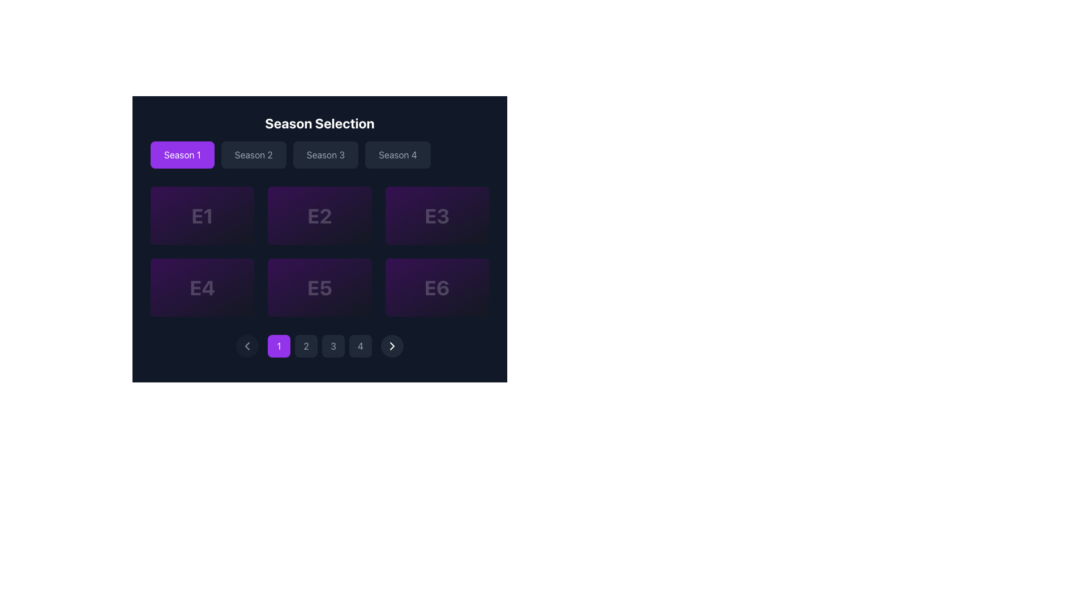 This screenshot has width=1087, height=611. I want to click on the bold, stylized number 'E6' displayed in a large font size with a subtle opacity, styled in white against a dark purple rectangular background, located in the bottom-right segment of a 2x3 grid layout, so click(436, 287).